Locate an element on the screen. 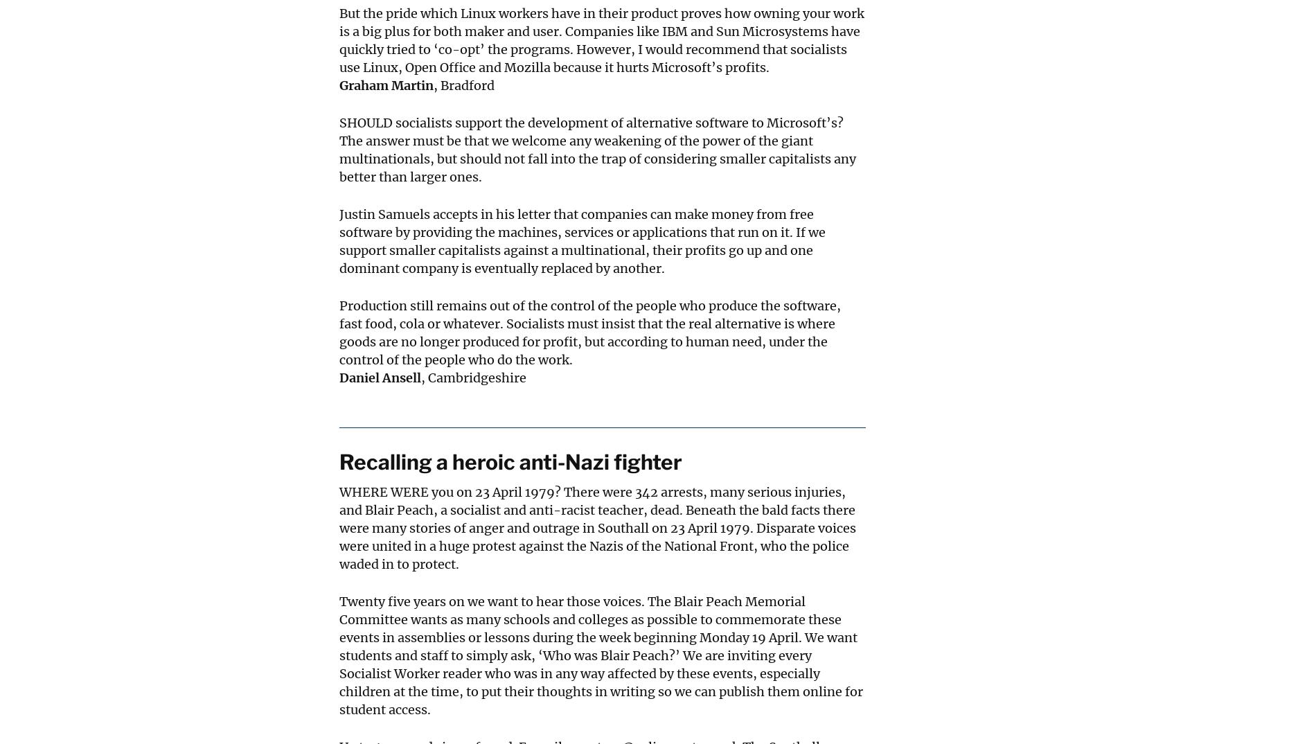  'WHERE WERE you on 23 April 1979? There were 342 arrests, many serious injuries, and Blair Peach, a socialist and anti-racist teacher, dead. Beneath the bald facts there were many stories of anger and outrage in Southall on 23 April 1979. Disparate voices were united in a huge protest against the Nazis of the National Front, who the police waded in to protect.' is located at coordinates (596, 527).